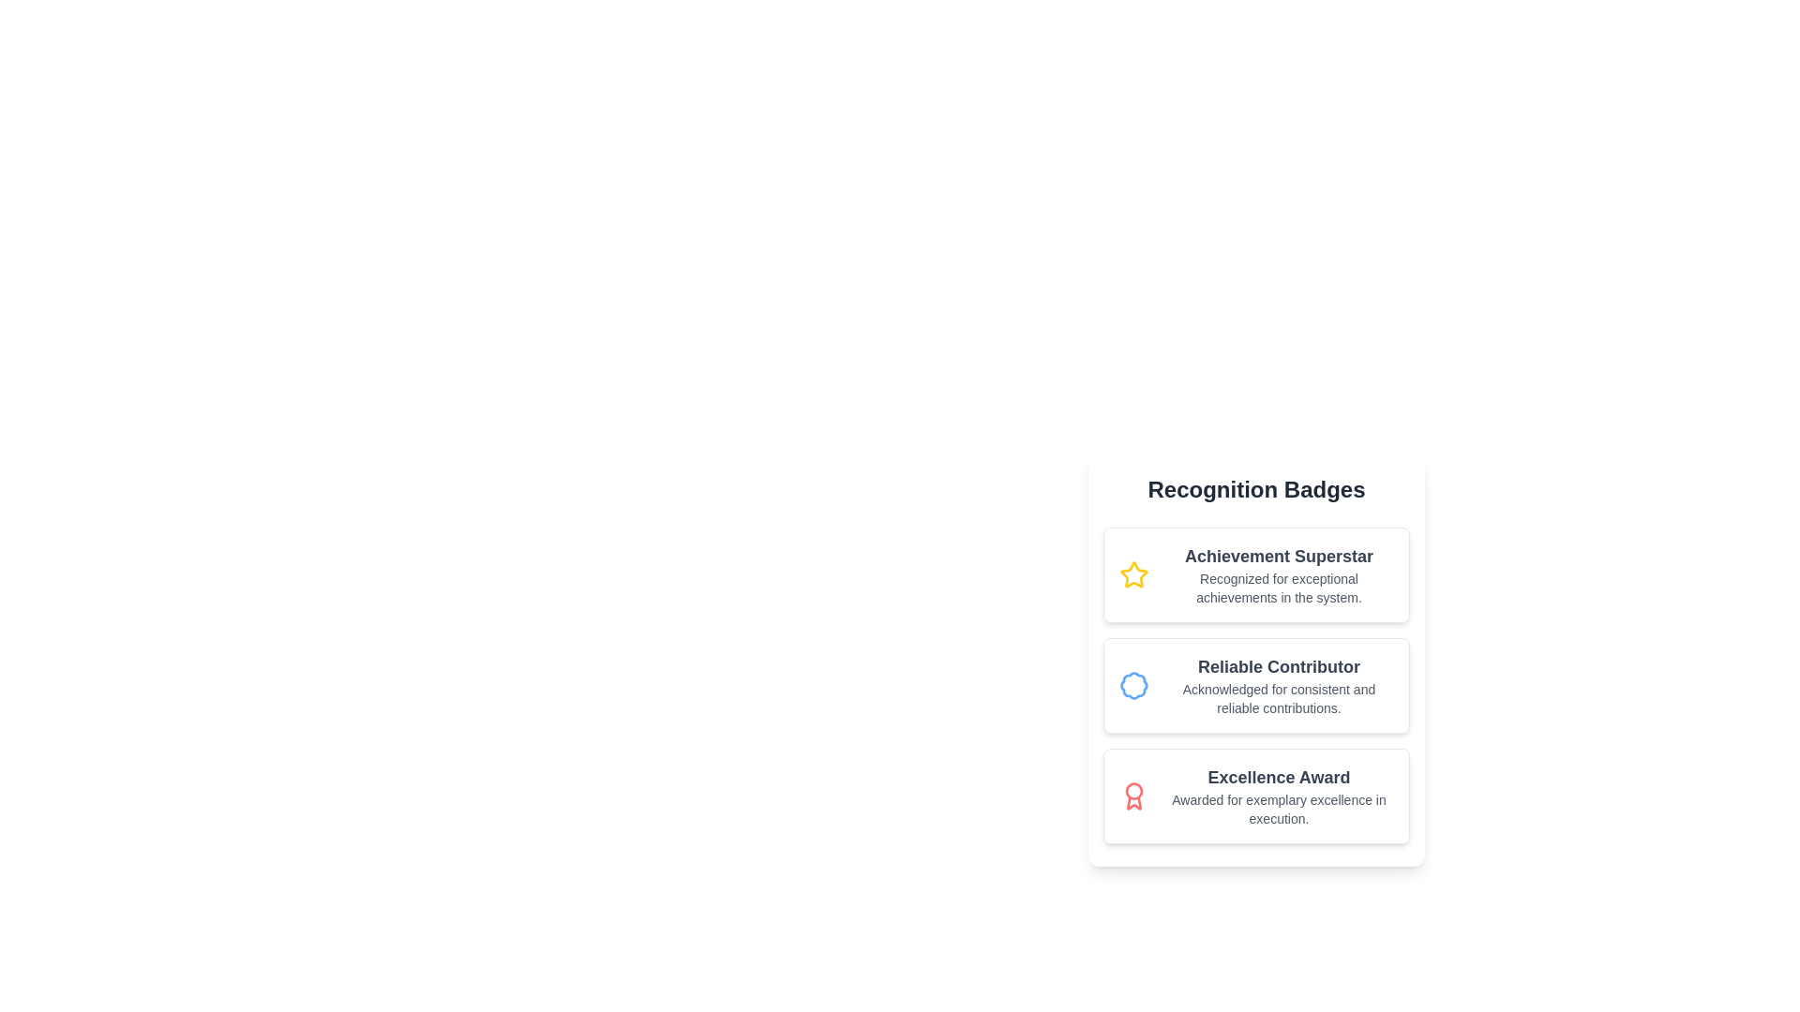  What do you see at coordinates (1256, 686) in the screenshot?
I see `the second card component` at bounding box center [1256, 686].